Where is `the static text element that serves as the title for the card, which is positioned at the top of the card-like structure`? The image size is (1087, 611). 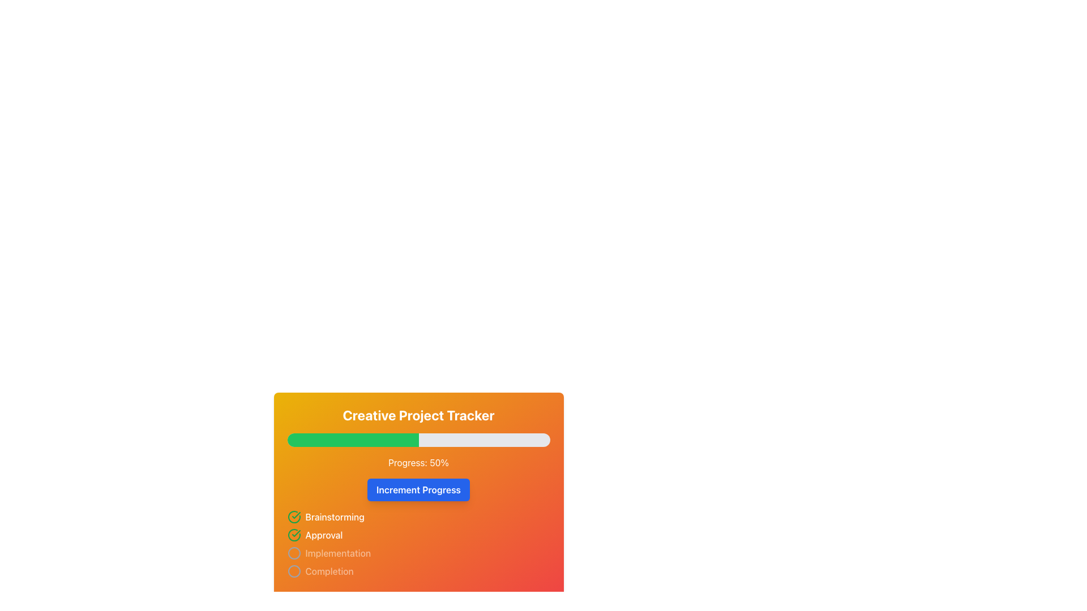
the static text element that serves as the title for the card, which is positioned at the top of the card-like structure is located at coordinates (418, 415).